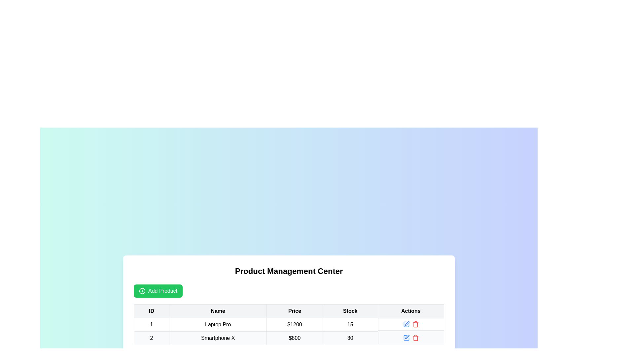  What do you see at coordinates (294, 338) in the screenshot?
I see `the Text Display element that shows '$800' in black font on a light gray background, located in the third cell of the second row in the table for the product 'Smartphone X'` at bounding box center [294, 338].